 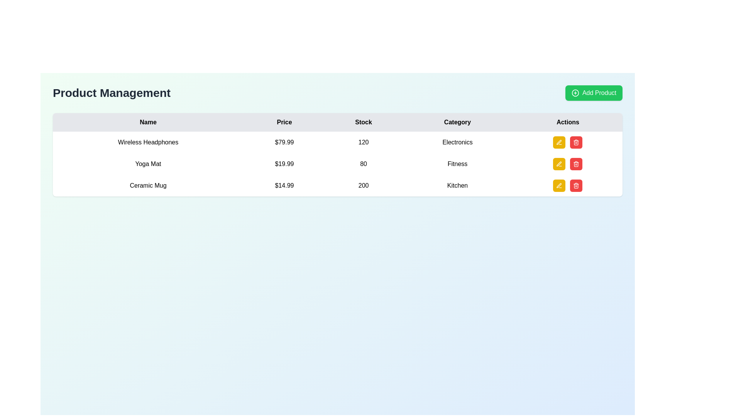 What do you see at coordinates (576, 186) in the screenshot?
I see `the delete button located in the 'Actions' column of the last row of the table, which corresponds to the 'Ceramic Mug' entry` at bounding box center [576, 186].